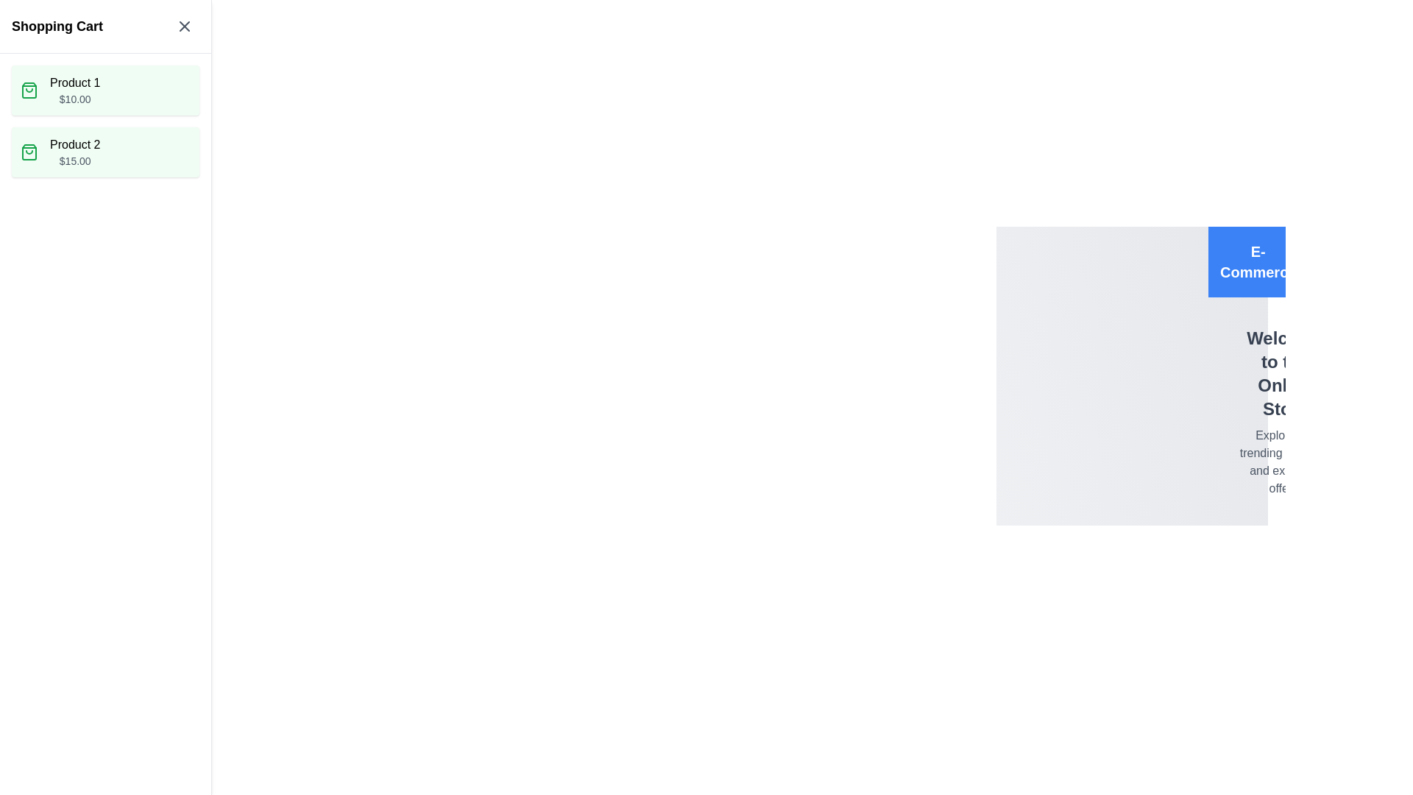 The width and height of the screenshot is (1413, 795). Describe the element at coordinates (29, 91) in the screenshot. I see `the light green shopping bag icon located to the left of the text 'Product 2' in the shopping cart UI` at that location.